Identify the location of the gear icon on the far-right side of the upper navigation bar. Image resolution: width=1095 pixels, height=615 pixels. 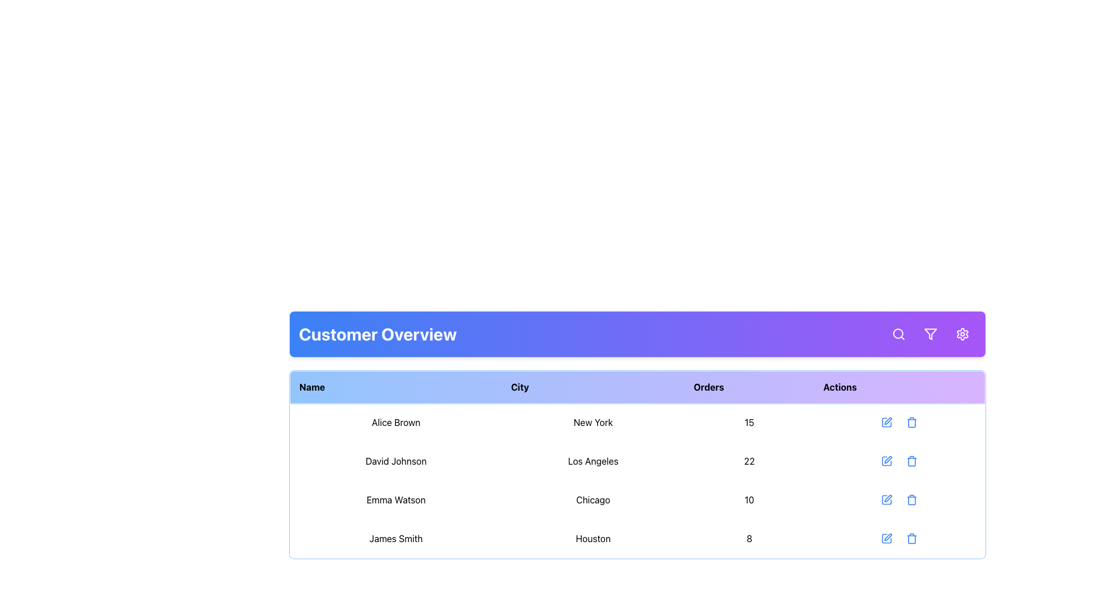
(962, 333).